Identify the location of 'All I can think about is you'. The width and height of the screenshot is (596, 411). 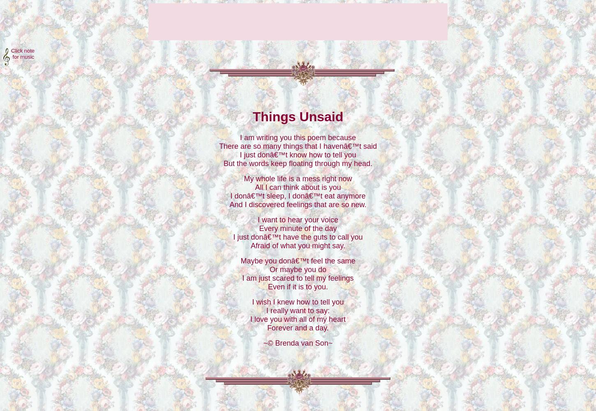
(297, 187).